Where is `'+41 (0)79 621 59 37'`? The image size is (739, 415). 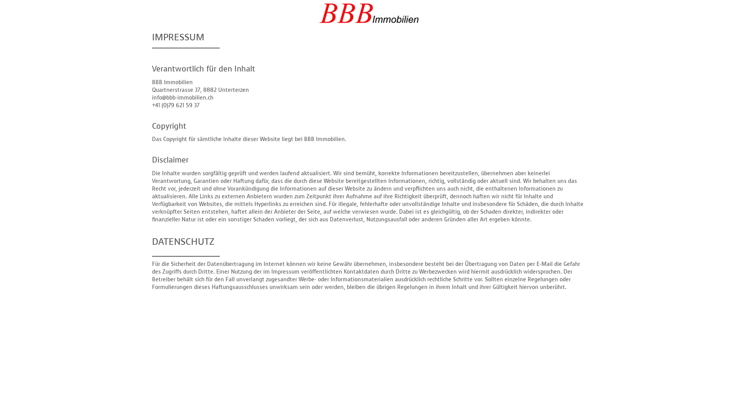 '+41 (0)79 621 59 37' is located at coordinates (175, 105).